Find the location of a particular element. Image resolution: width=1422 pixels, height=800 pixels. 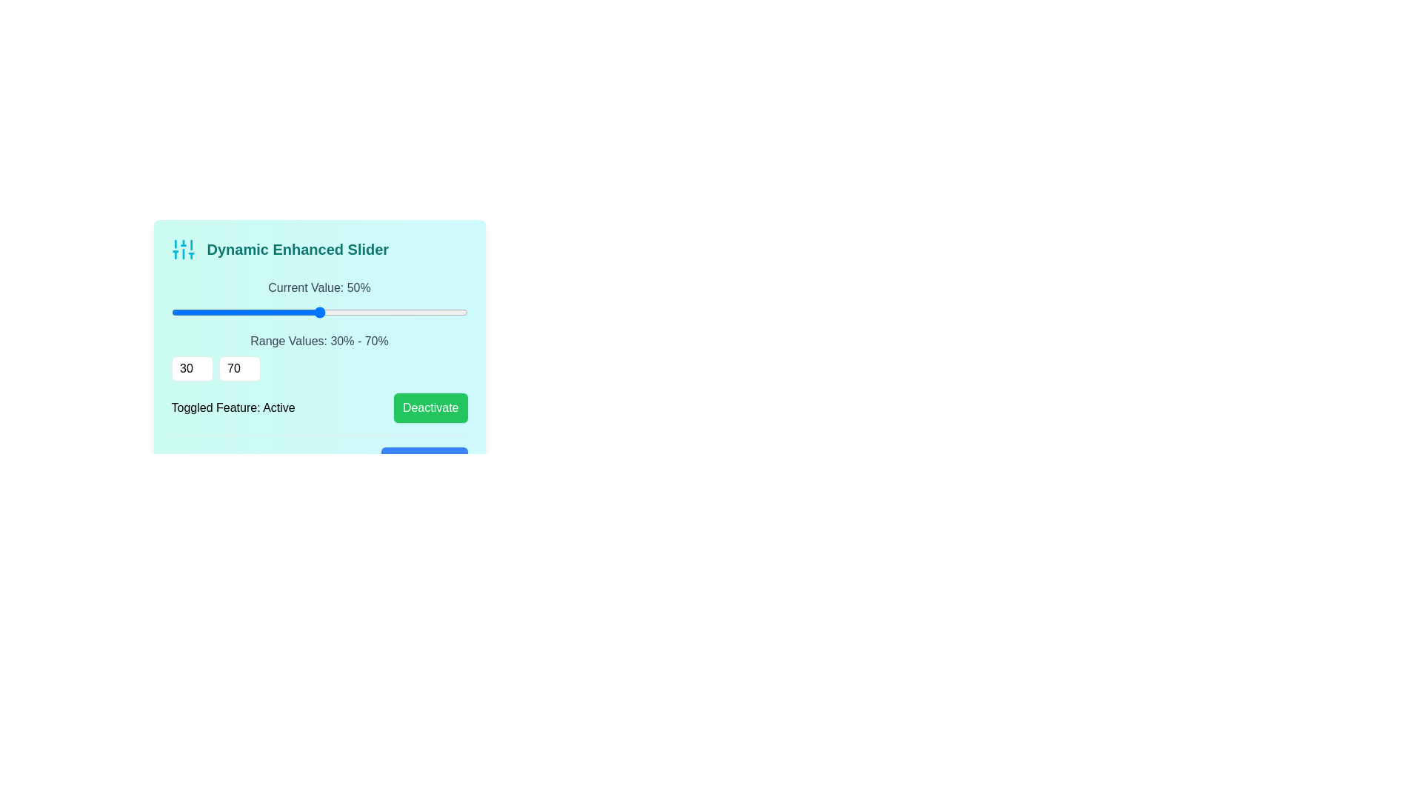

the Text Header with Icon that introduces the segment content for the slider component, titled 'Dynamic Enhanced Slider Current Value: 50% Range Values: 30% - 70% Toggled Feature: Active Deactivate Confirm' is located at coordinates (318, 248).